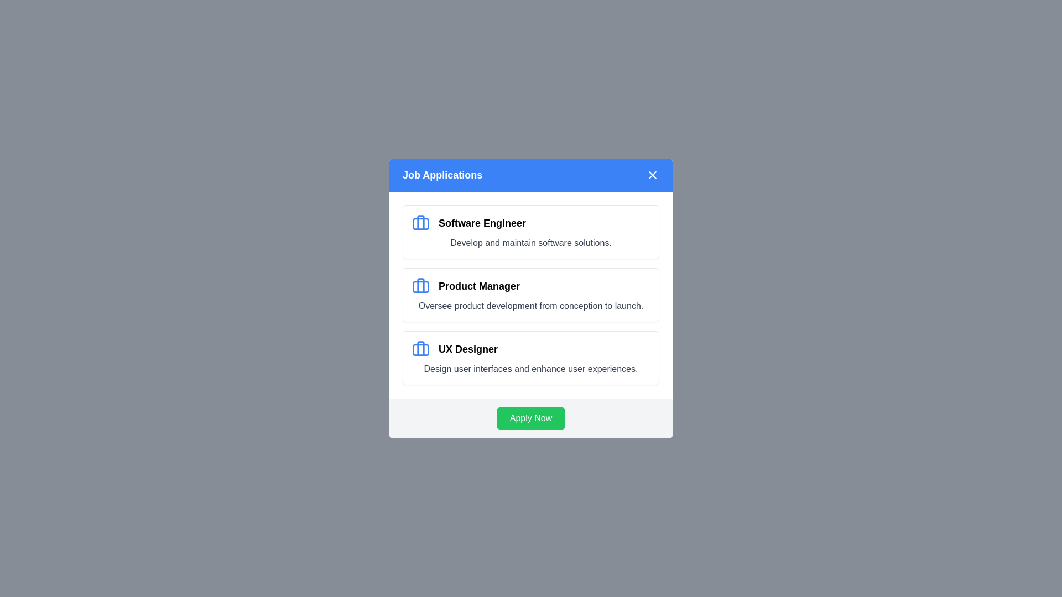 This screenshot has height=597, width=1062. What do you see at coordinates (479, 285) in the screenshot?
I see `the 'Product Manager' title text, which is bold and larger, displayed prominently within the second card of the job list in the modal` at bounding box center [479, 285].